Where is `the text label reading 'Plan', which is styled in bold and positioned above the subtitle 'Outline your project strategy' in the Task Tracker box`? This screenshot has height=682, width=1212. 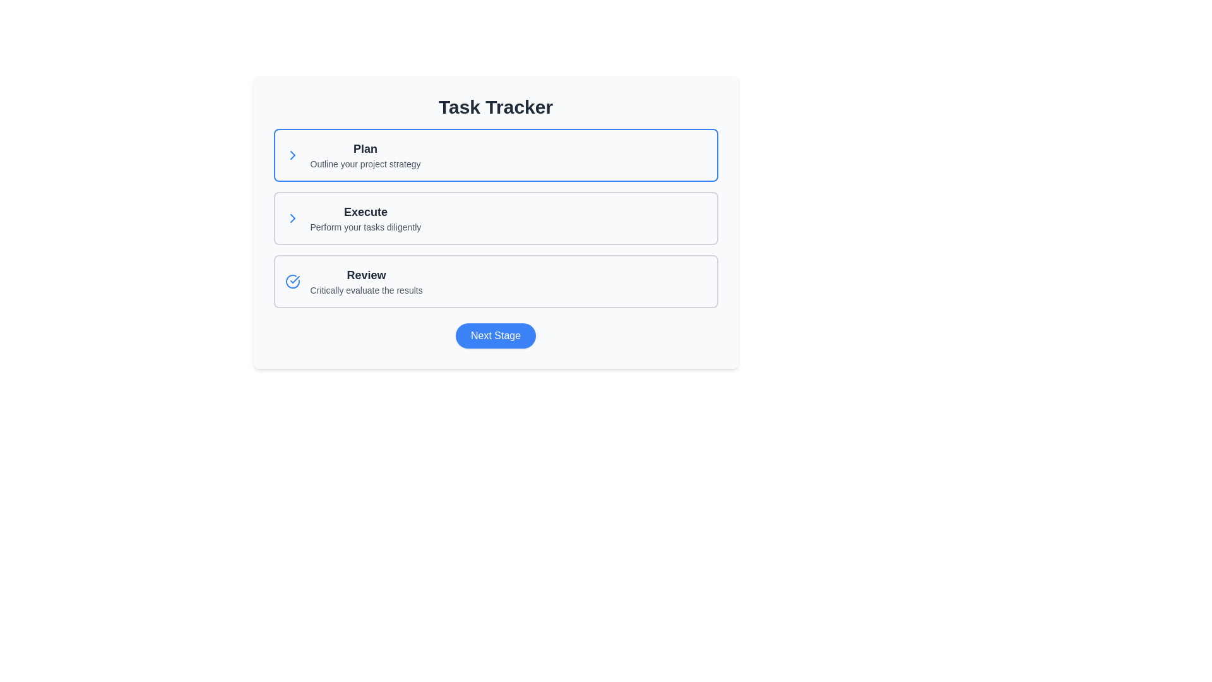 the text label reading 'Plan', which is styled in bold and positioned above the subtitle 'Outline your project strategy' in the Task Tracker box is located at coordinates (365, 148).